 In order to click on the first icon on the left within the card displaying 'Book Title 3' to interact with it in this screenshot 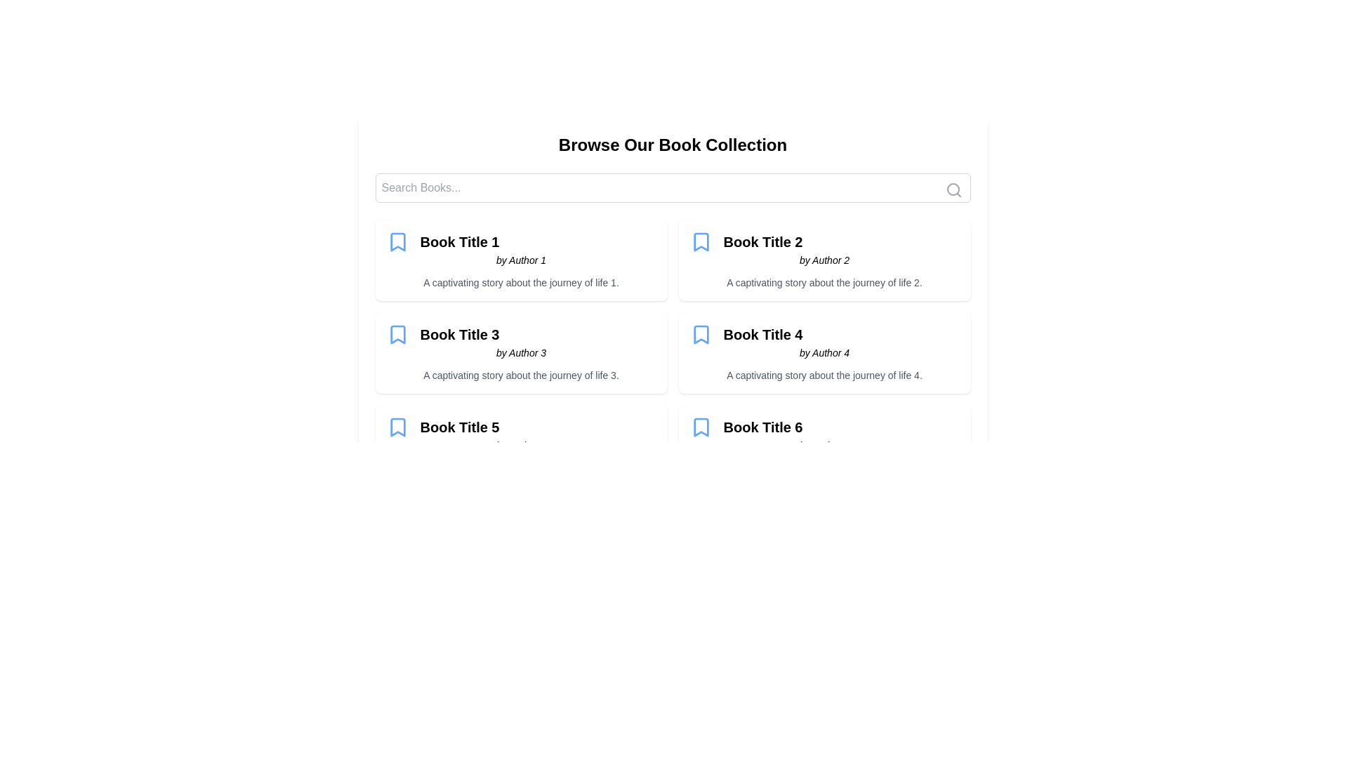, I will do `click(397, 335)`.